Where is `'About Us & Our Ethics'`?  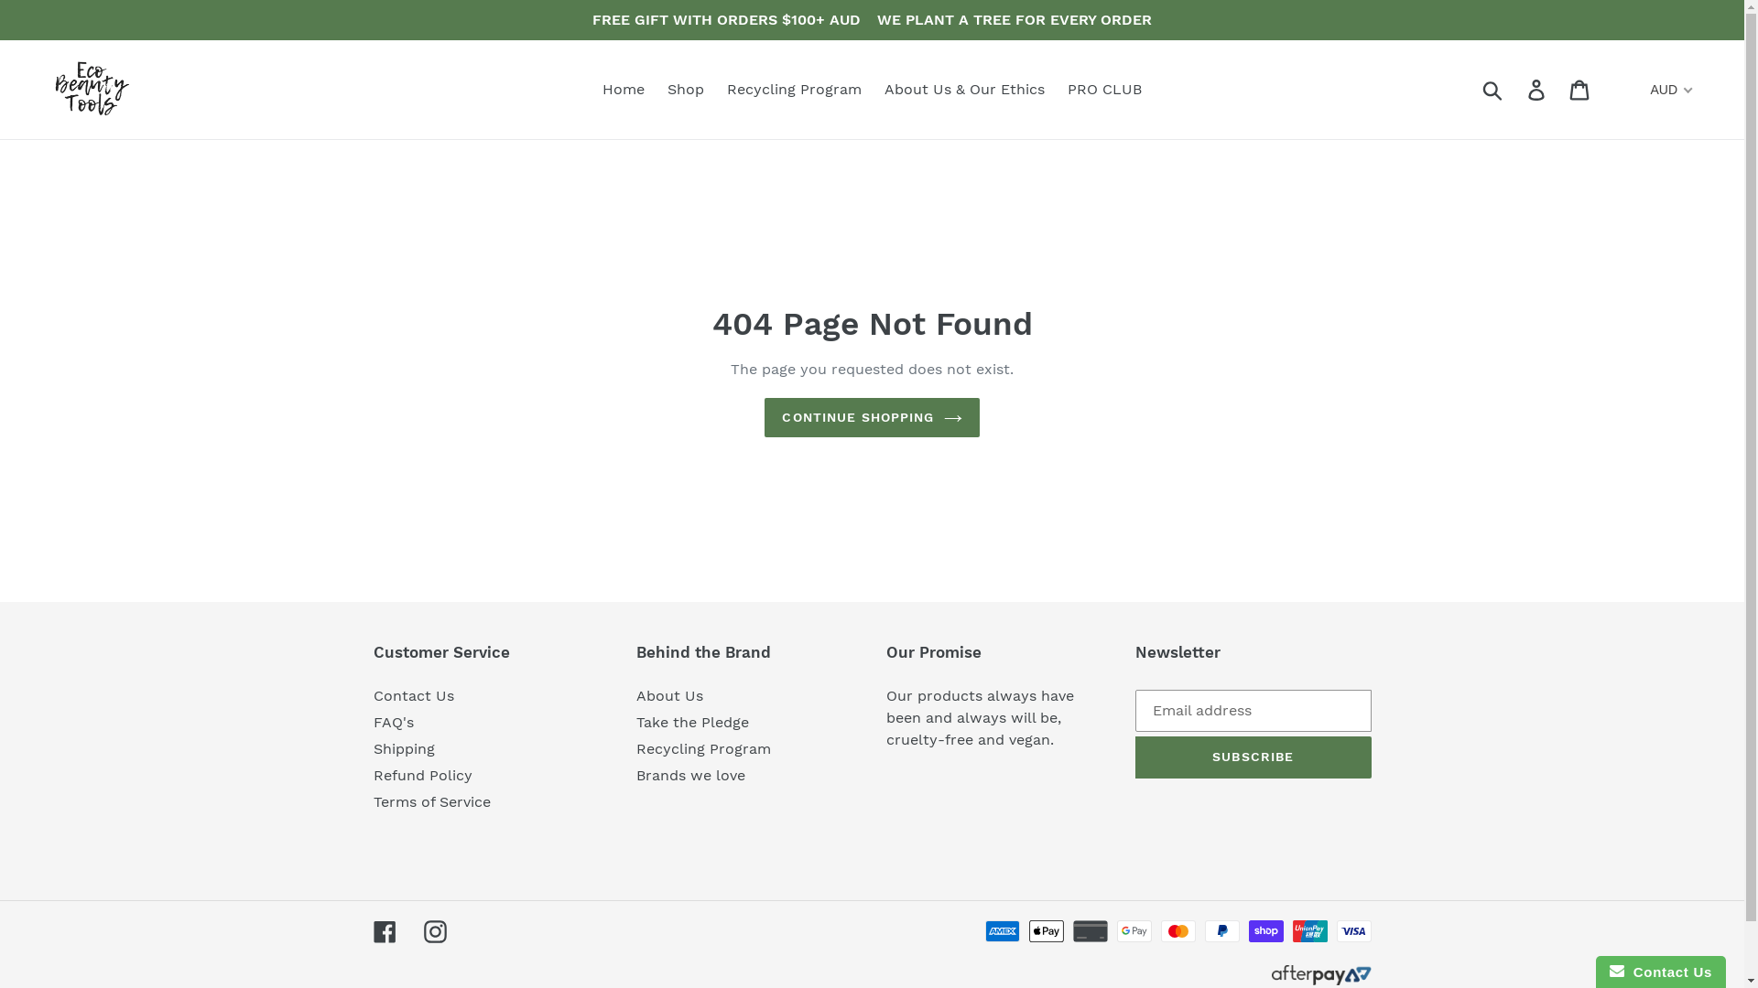 'About Us & Our Ethics' is located at coordinates (963, 89).